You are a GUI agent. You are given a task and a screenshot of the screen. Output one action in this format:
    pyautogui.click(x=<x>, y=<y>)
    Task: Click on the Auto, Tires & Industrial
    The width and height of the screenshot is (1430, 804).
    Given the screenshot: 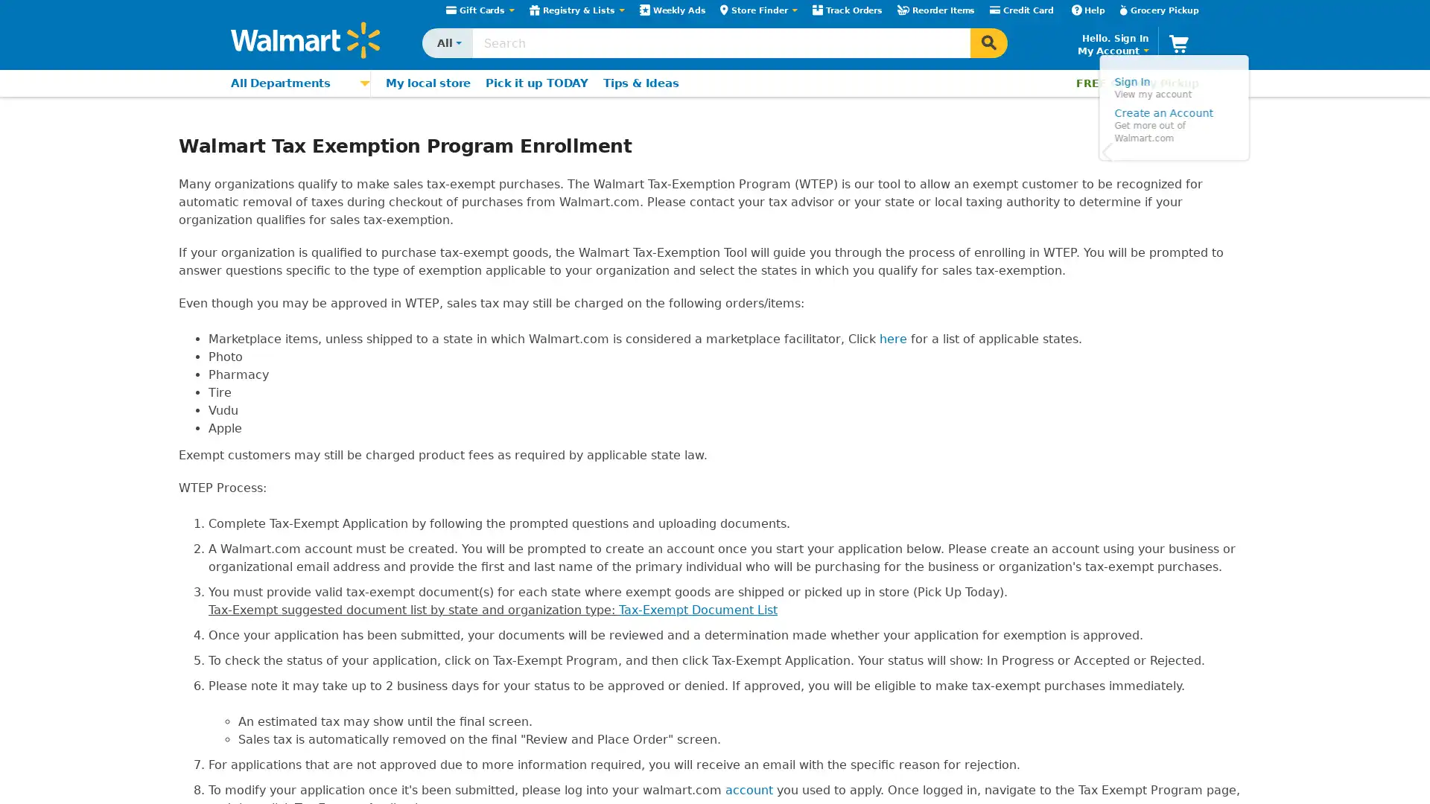 What is the action you would take?
    pyautogui.click(x=289, y=373)
    